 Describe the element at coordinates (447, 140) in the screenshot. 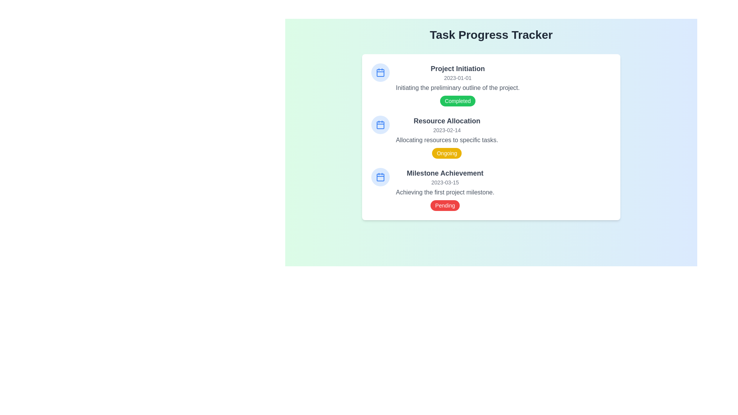

I see `the descriptive text element that provides context for the resource allocation task, located under the title 'Resource Allocation' and above the 'Ongoing' status label` at that location.